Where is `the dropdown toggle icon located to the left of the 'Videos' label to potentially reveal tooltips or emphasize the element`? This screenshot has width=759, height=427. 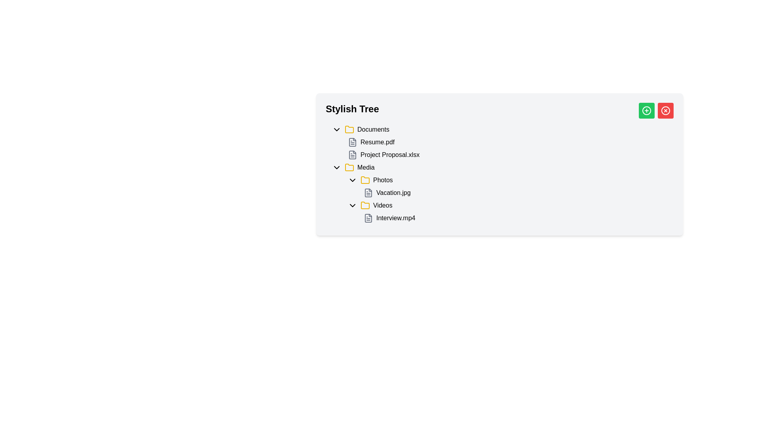
the dropdown toggle icon located to the left of the 'Videos' label to potentially reveal tooltips or emphasize the element is located at coordinates (352, 205).